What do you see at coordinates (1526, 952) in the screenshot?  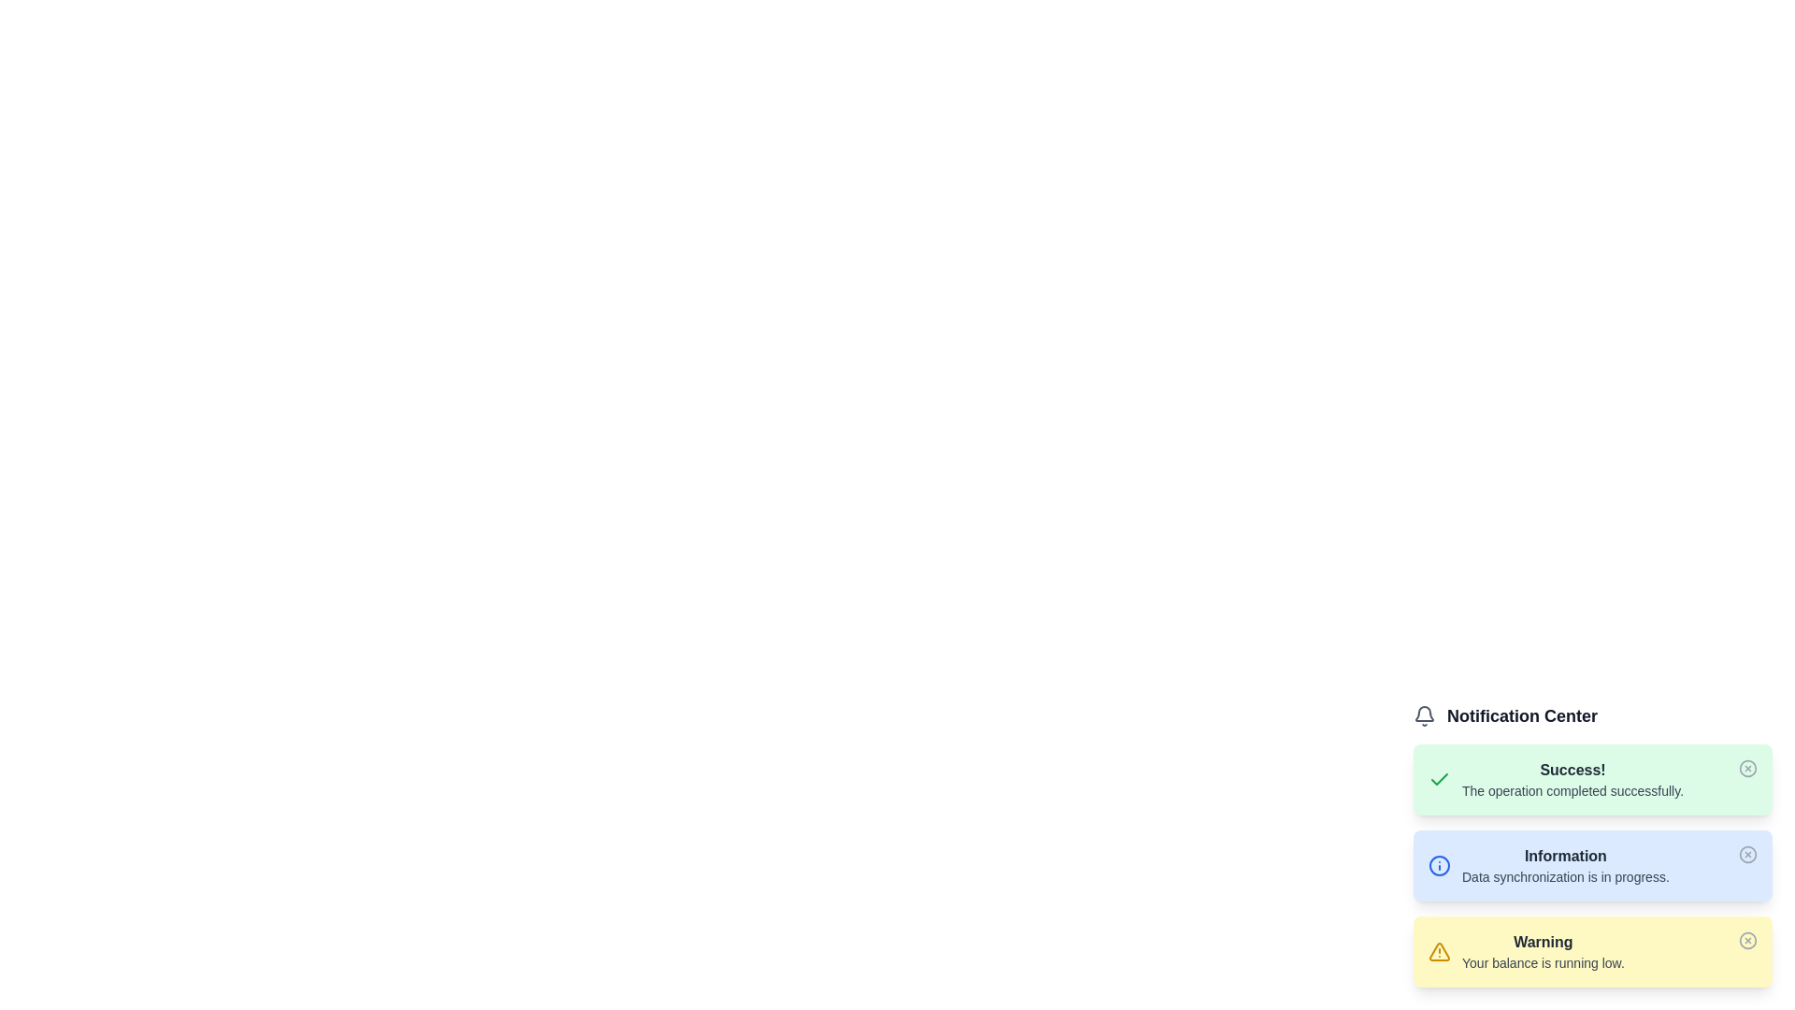 I see `the text-based notification element that displays a yellow warning icon and the message 'Warning: Your balance is running low.'` at bounding box center [1526, 952].